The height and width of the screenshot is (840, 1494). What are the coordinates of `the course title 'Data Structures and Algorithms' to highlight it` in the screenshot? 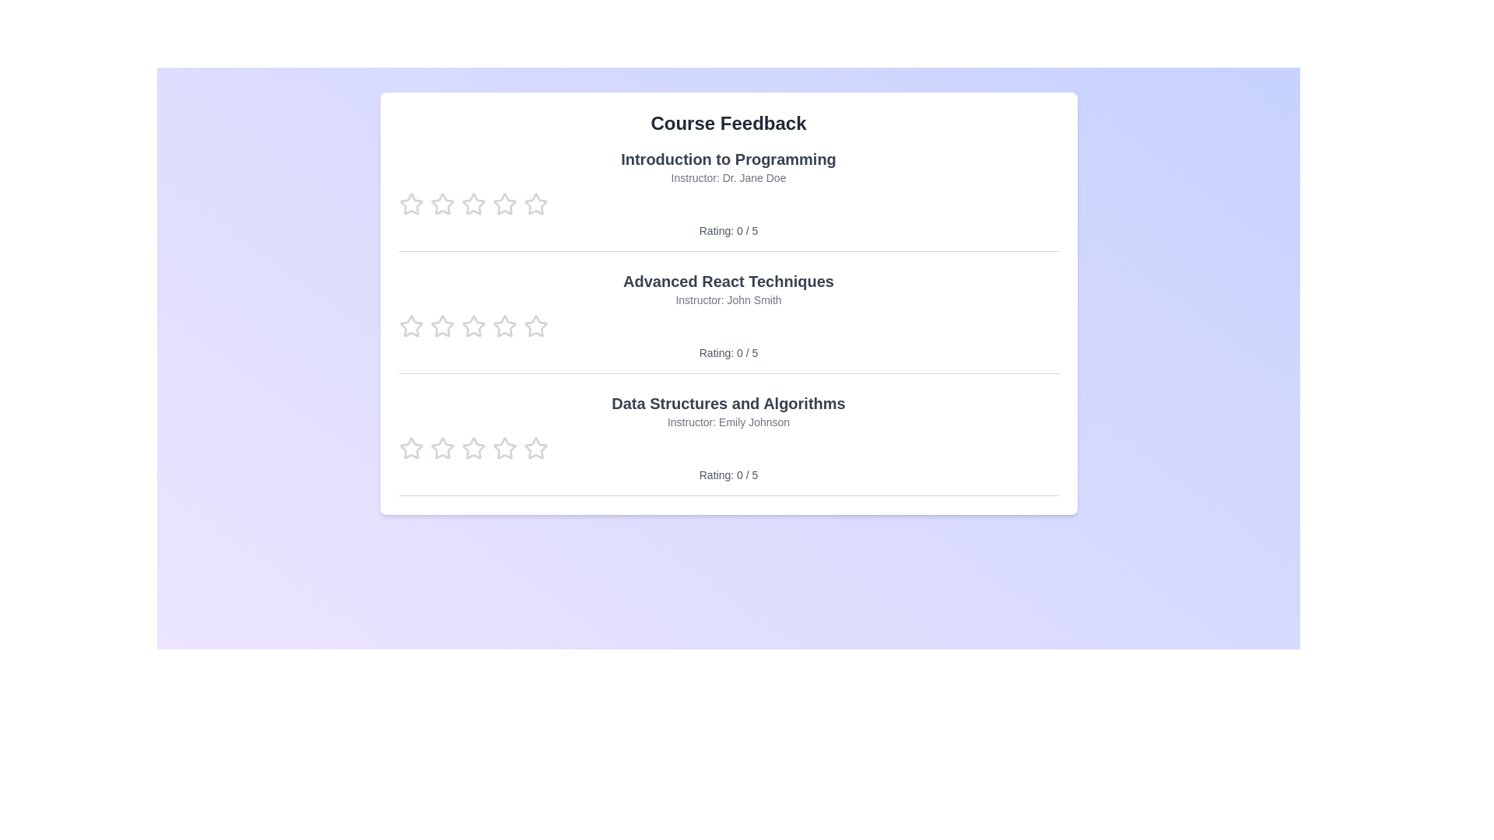 It's located at (728, 403).